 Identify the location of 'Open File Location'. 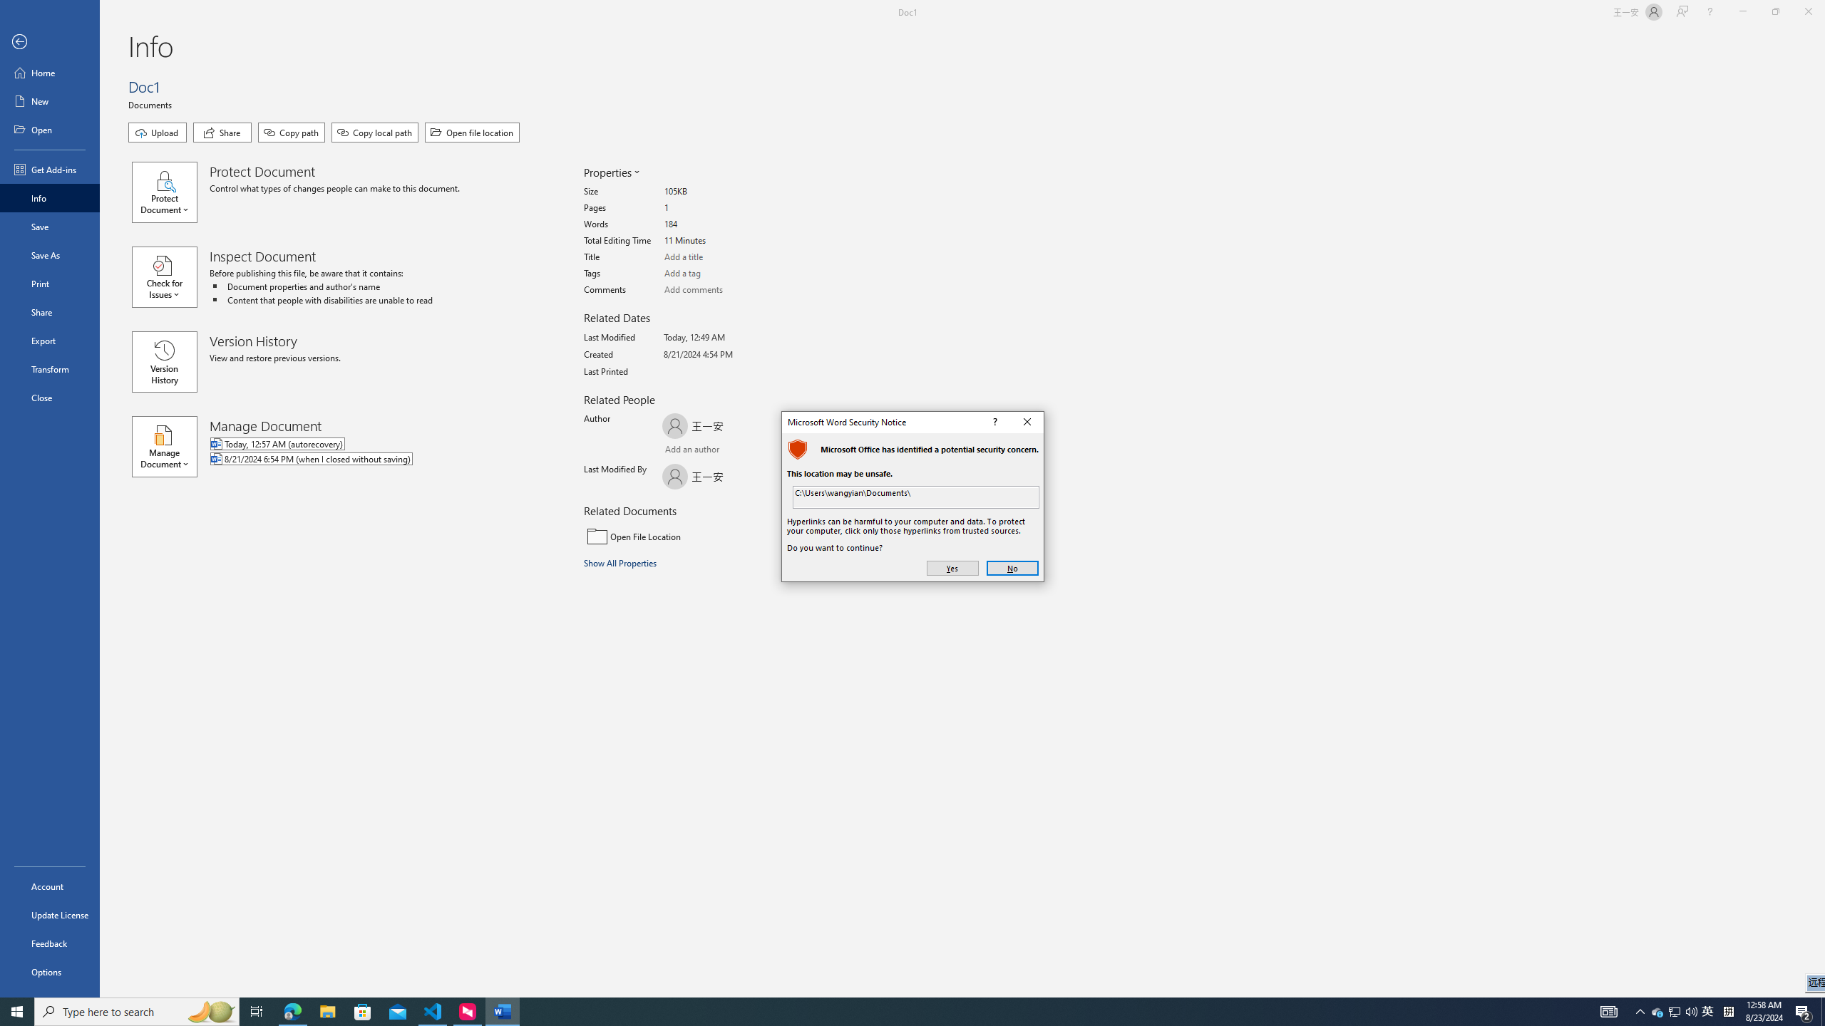
(679, 536).